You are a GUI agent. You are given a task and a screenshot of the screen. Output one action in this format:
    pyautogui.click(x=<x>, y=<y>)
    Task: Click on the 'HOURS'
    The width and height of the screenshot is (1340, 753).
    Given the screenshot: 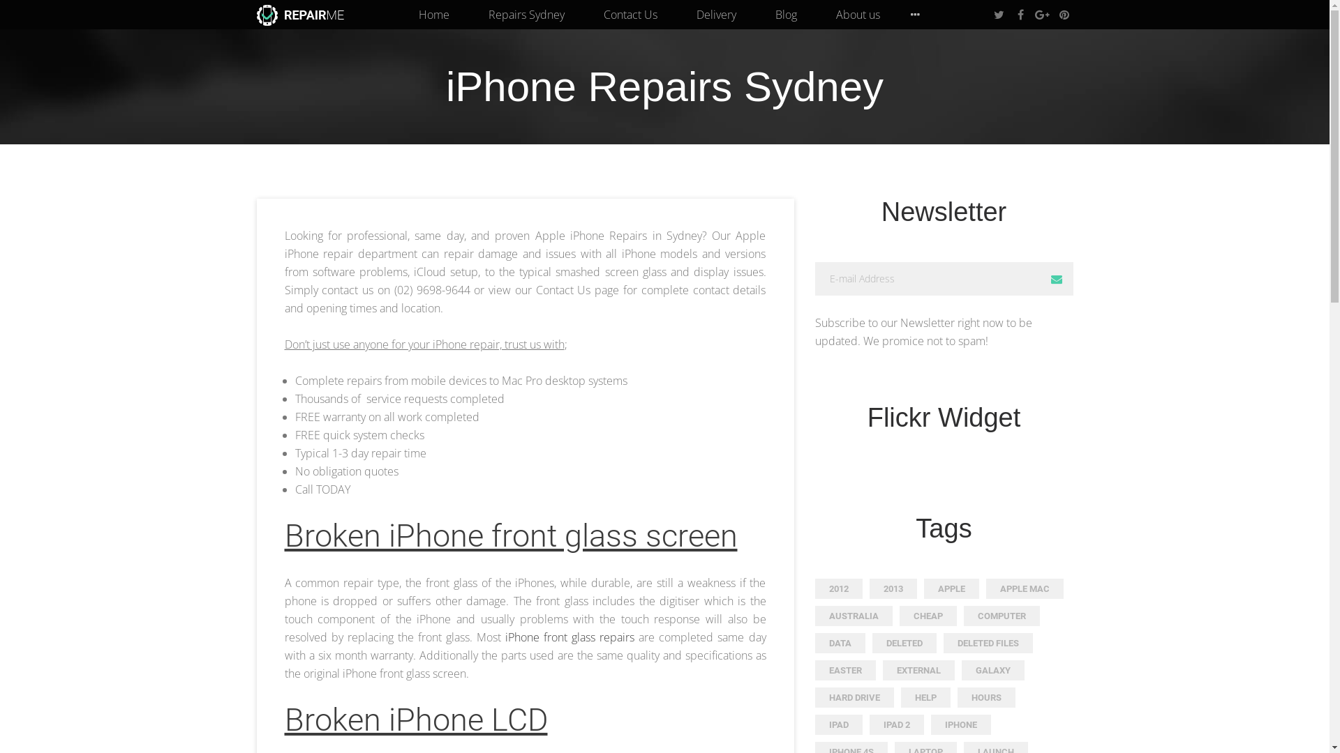 What is the action you would take?
    pyautogui.click(x=985, y=697)
    